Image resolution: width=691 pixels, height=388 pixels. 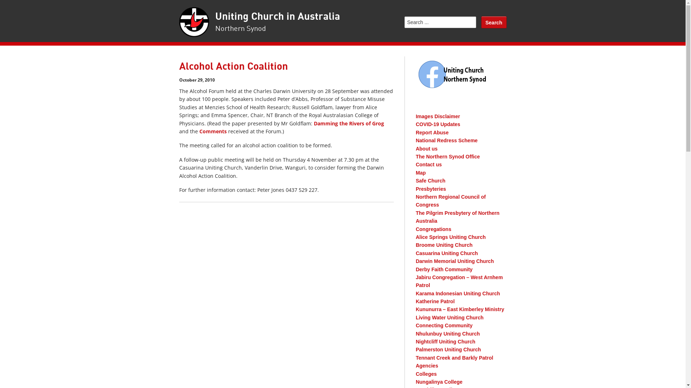 I want to click on 'About us', so click(x=426, y=148).